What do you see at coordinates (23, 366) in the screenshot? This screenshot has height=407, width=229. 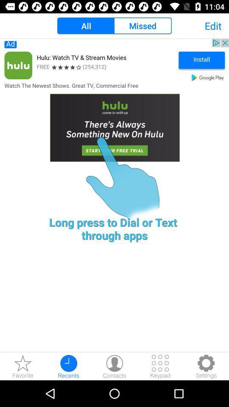 I see `mark for later use favorite` at bounding box center [23, 366].